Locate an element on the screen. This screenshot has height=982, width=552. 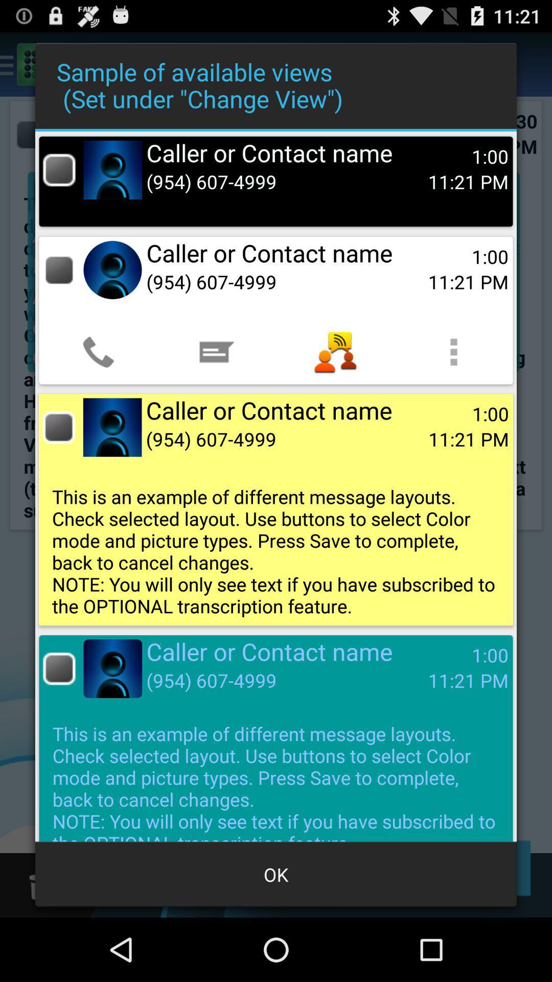
view type is located at coordinates (59, 270).